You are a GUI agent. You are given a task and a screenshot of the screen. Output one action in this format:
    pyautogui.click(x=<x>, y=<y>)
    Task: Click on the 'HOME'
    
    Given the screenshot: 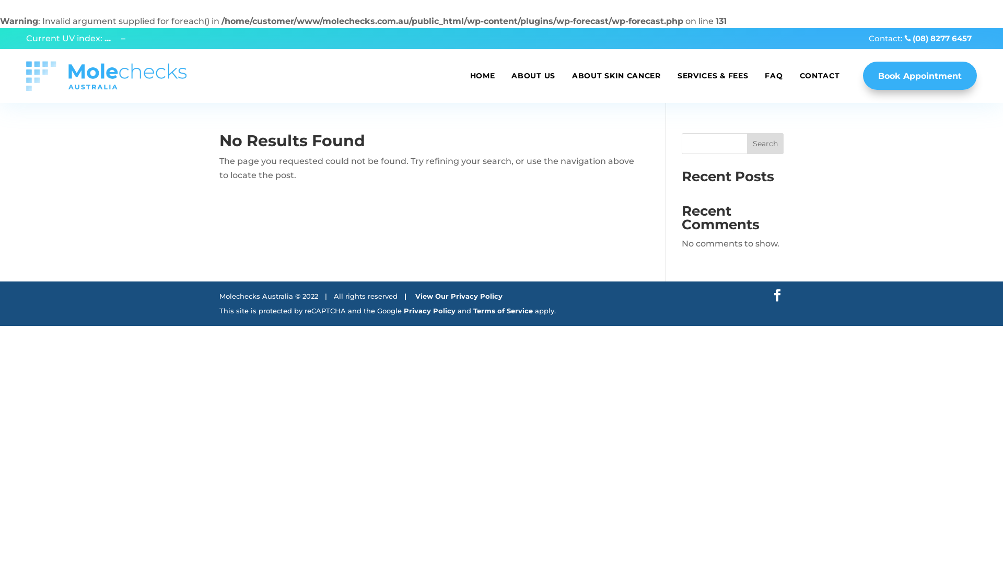 What is the action you would take?
    pyautogui.click(x=482, y=75)
    